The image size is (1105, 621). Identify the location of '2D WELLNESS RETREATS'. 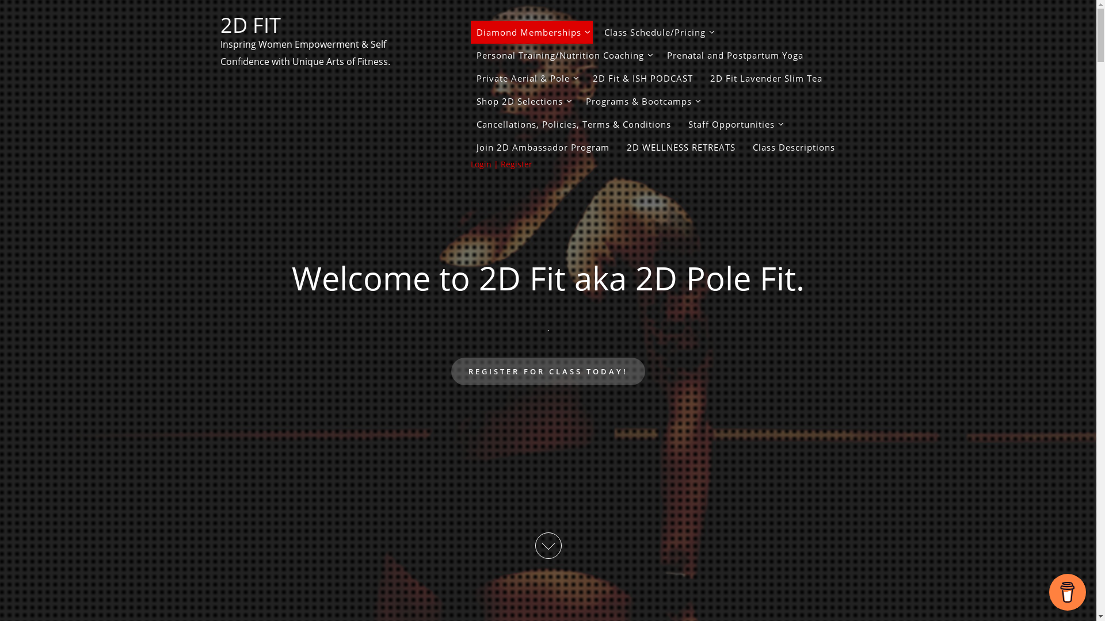
(680, 146).